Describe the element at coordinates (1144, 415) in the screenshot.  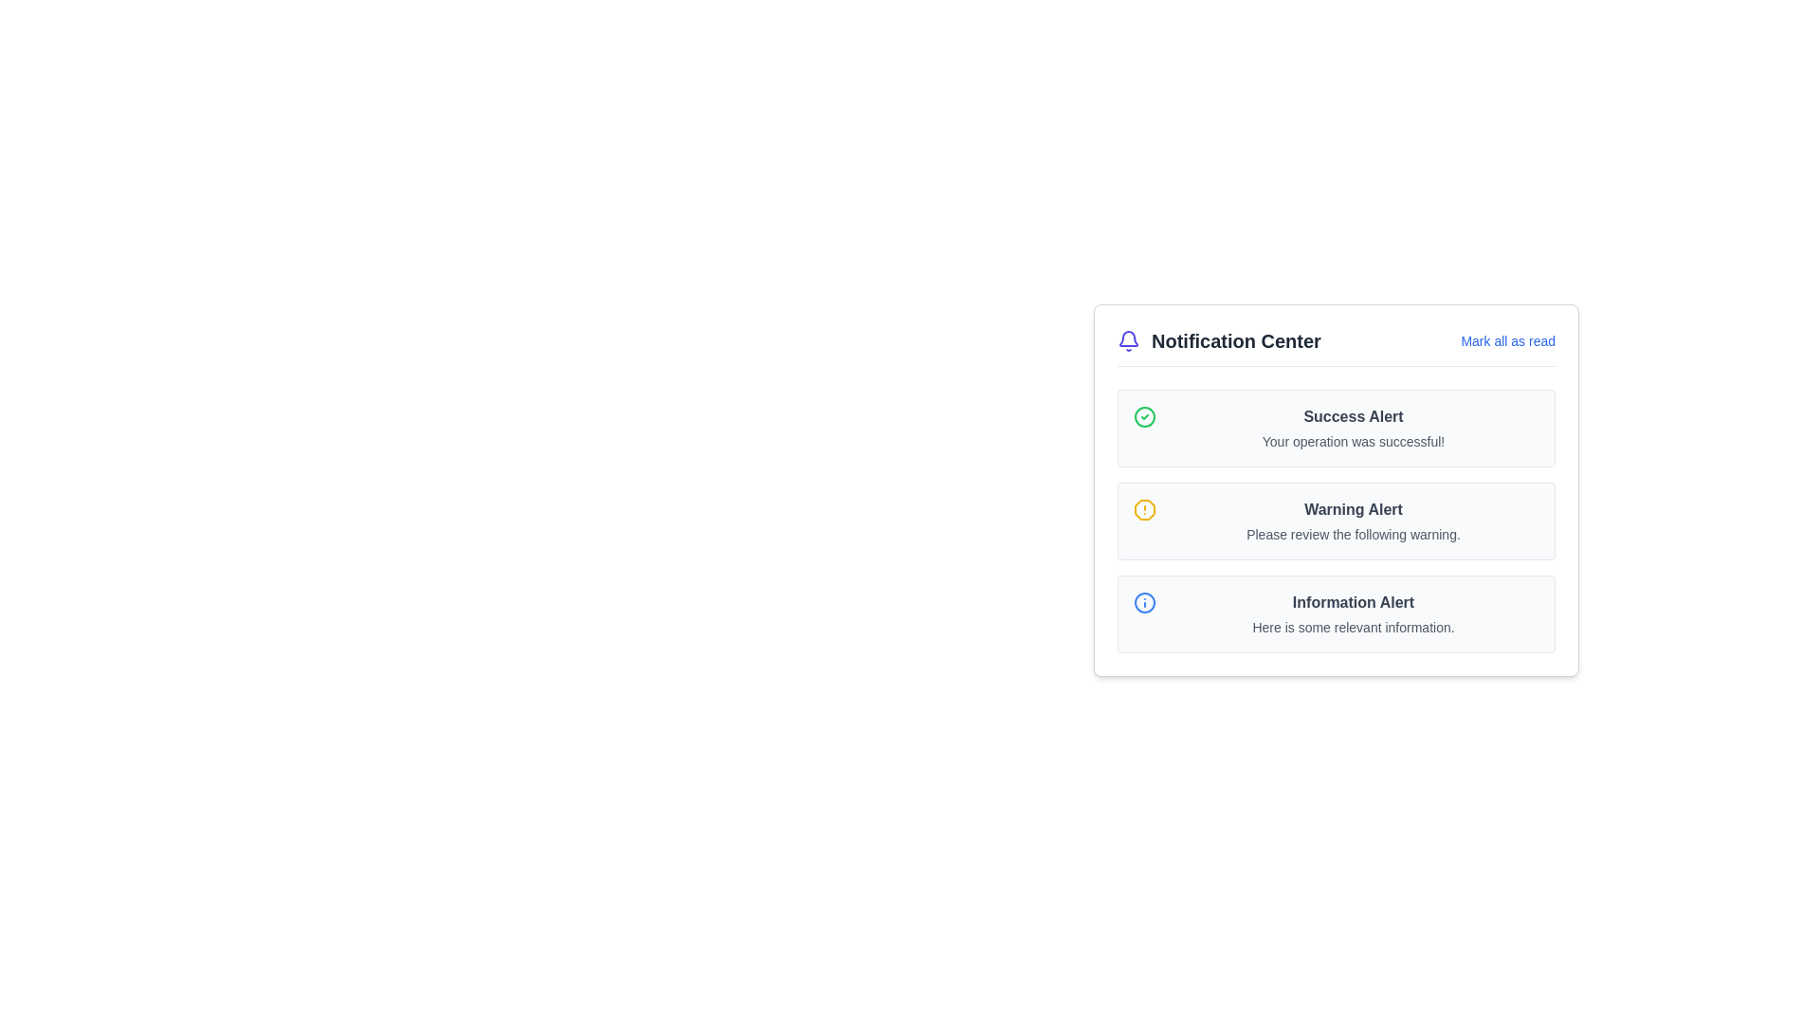
I see `the green circular icon with a checkmark that signifies success, located to the left of the 'Success Alert' text in the first notification box` at that location.